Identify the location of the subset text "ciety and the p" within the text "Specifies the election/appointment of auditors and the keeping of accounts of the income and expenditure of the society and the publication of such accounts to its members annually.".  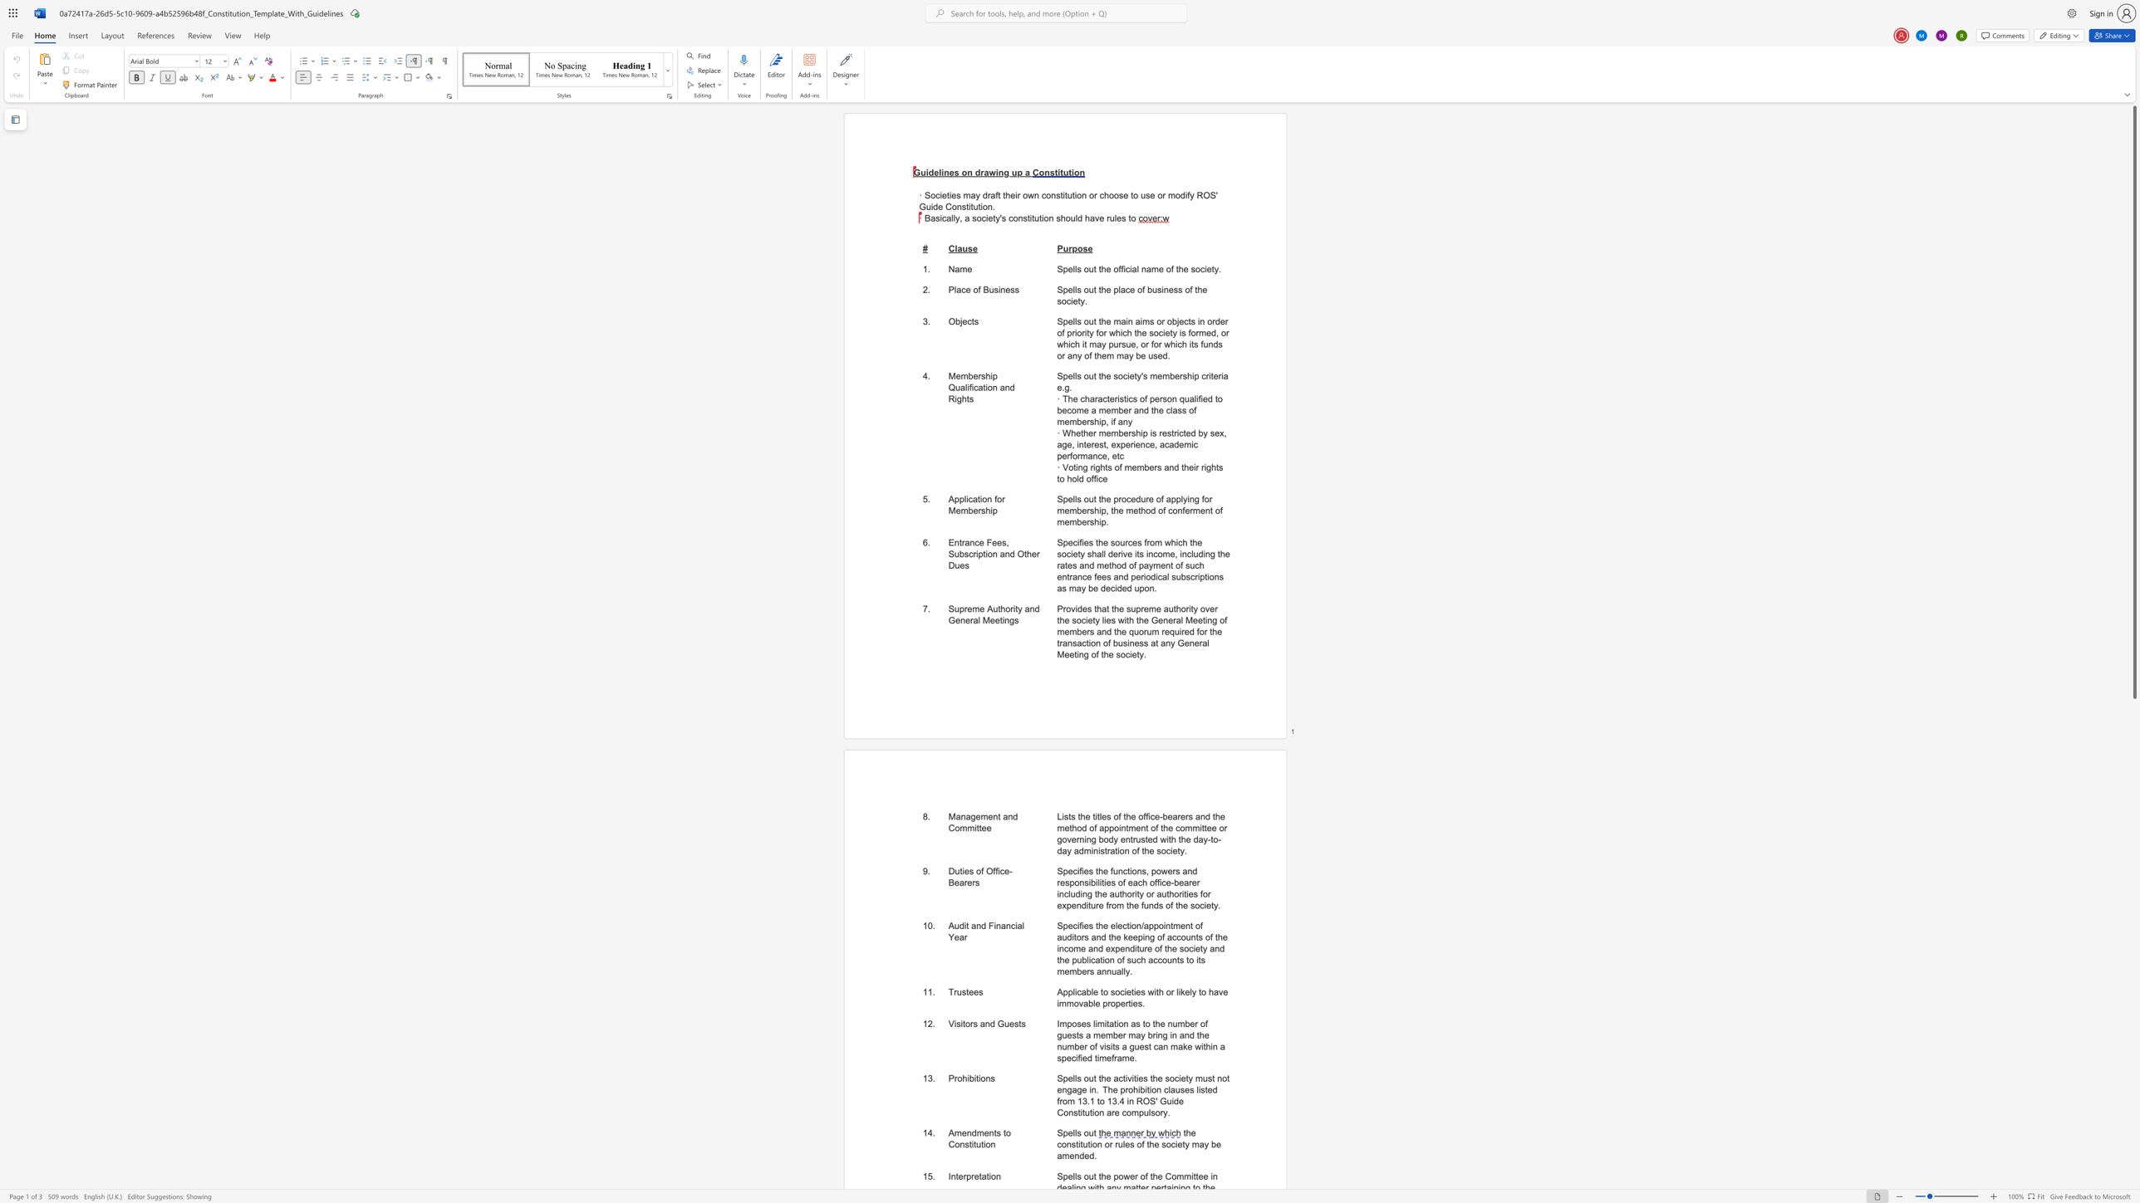
(1189, 947).